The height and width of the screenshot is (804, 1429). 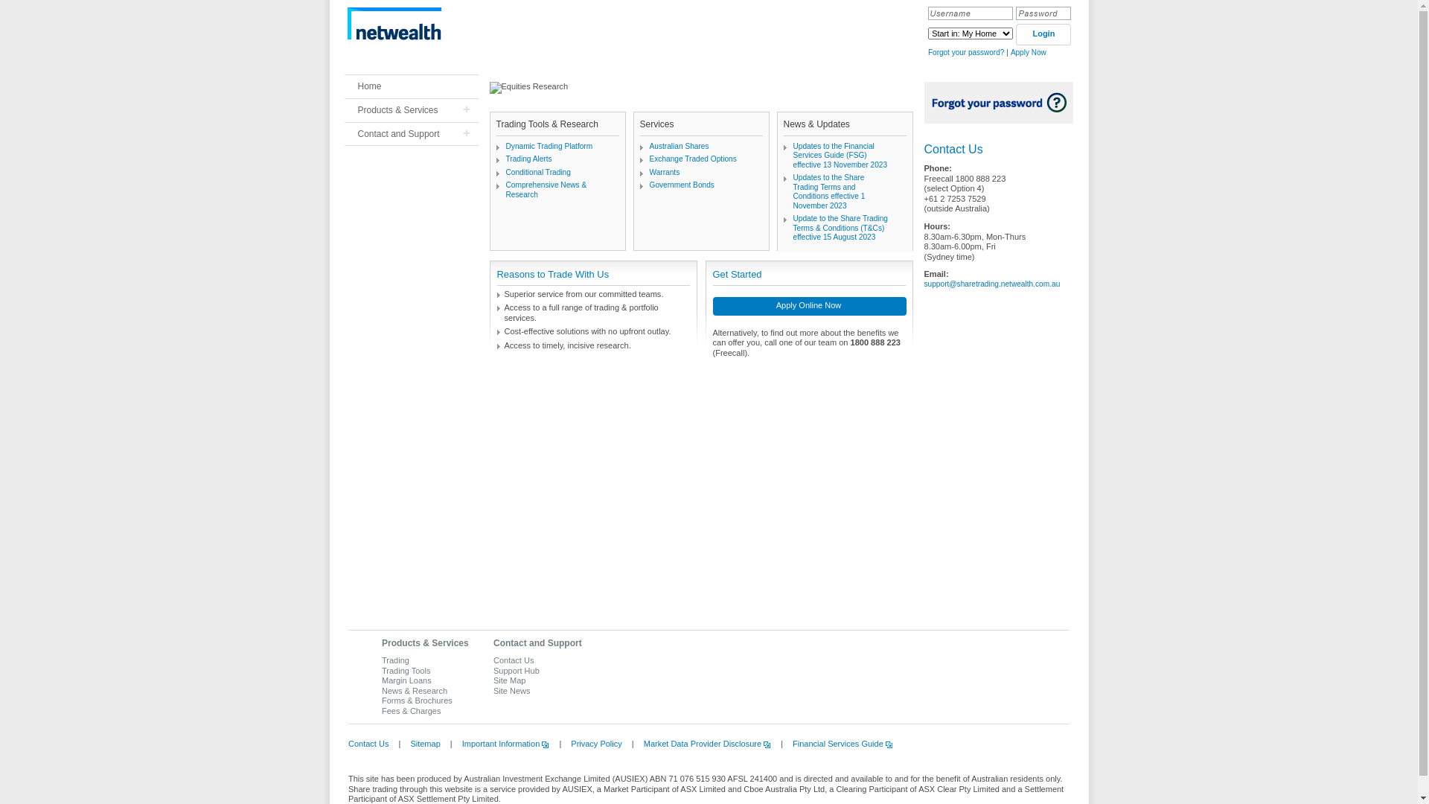 What do you see at coordinates (592, 744) in the screenshot?
I see `'Privacy Policy'` at bounding box center [592, 744].